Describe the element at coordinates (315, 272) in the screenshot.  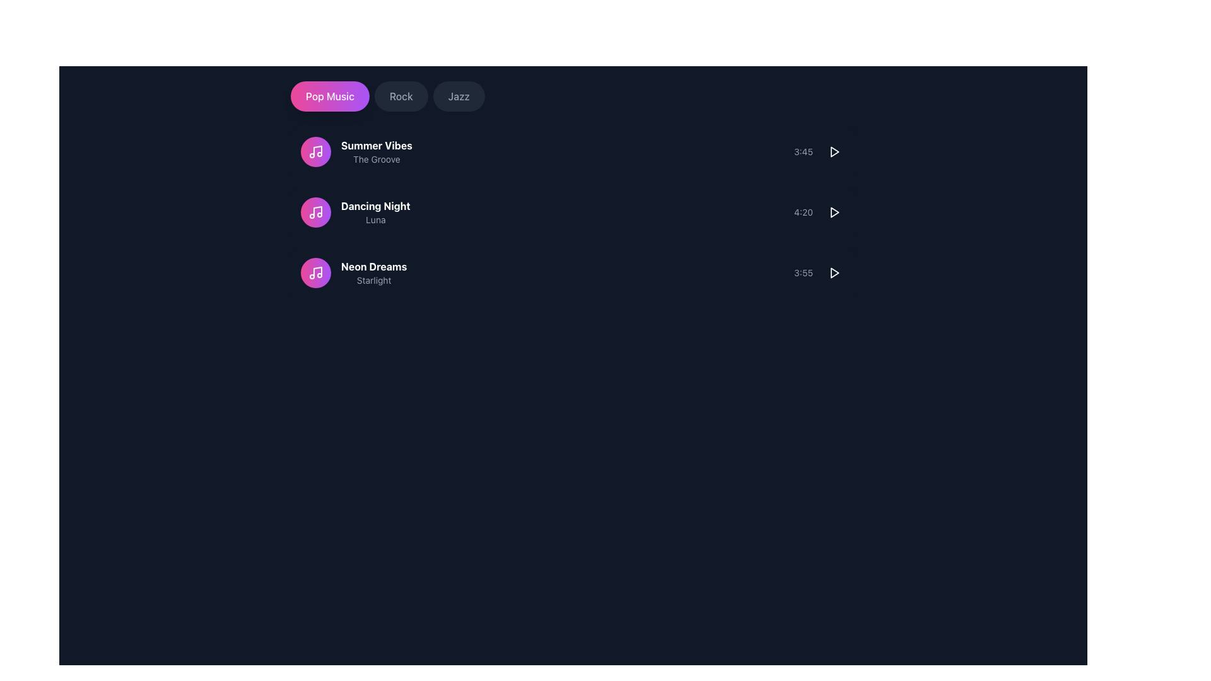
I see `the music track icon for 'Neon Dreams', which is the third icon in the third row of the music item list` at that location.